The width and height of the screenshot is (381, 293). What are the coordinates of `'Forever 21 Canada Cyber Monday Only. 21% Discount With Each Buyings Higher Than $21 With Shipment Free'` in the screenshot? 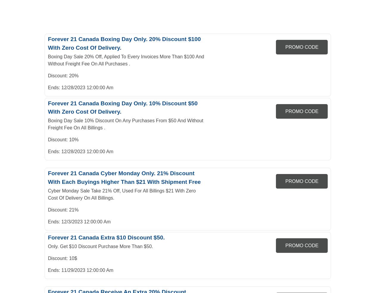 It's located at (124, 177).